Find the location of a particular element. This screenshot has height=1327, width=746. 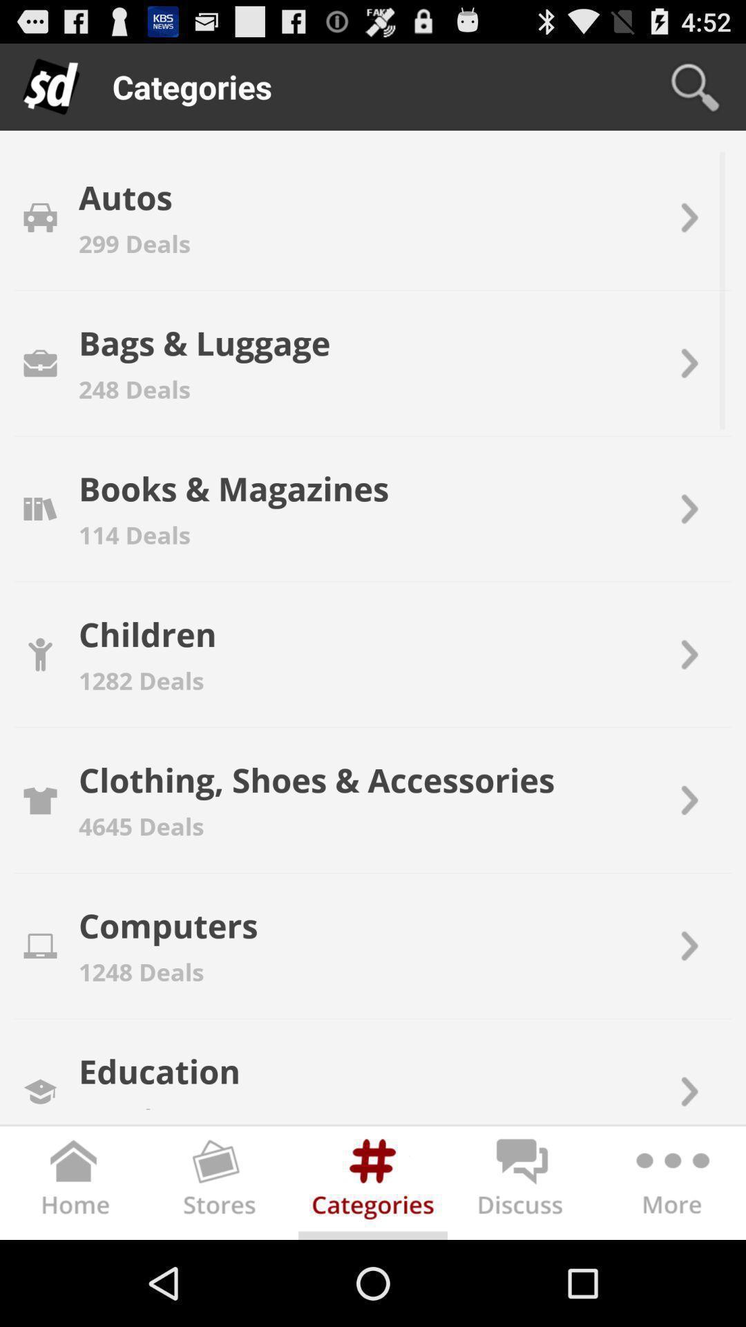

activate discuss function is located at coordinates (522, 1185).